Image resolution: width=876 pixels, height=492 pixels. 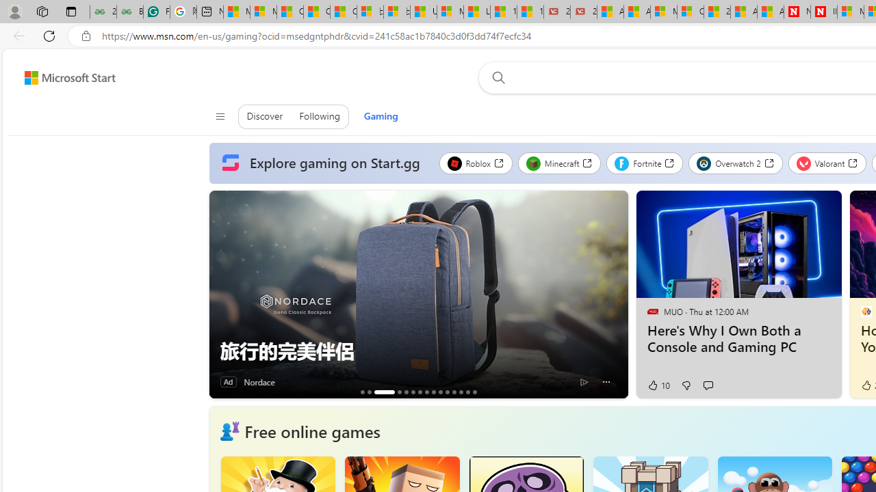 I want to click on 'AutomationID: tab_nativead-infopane-14', so click(x=467, y=392).